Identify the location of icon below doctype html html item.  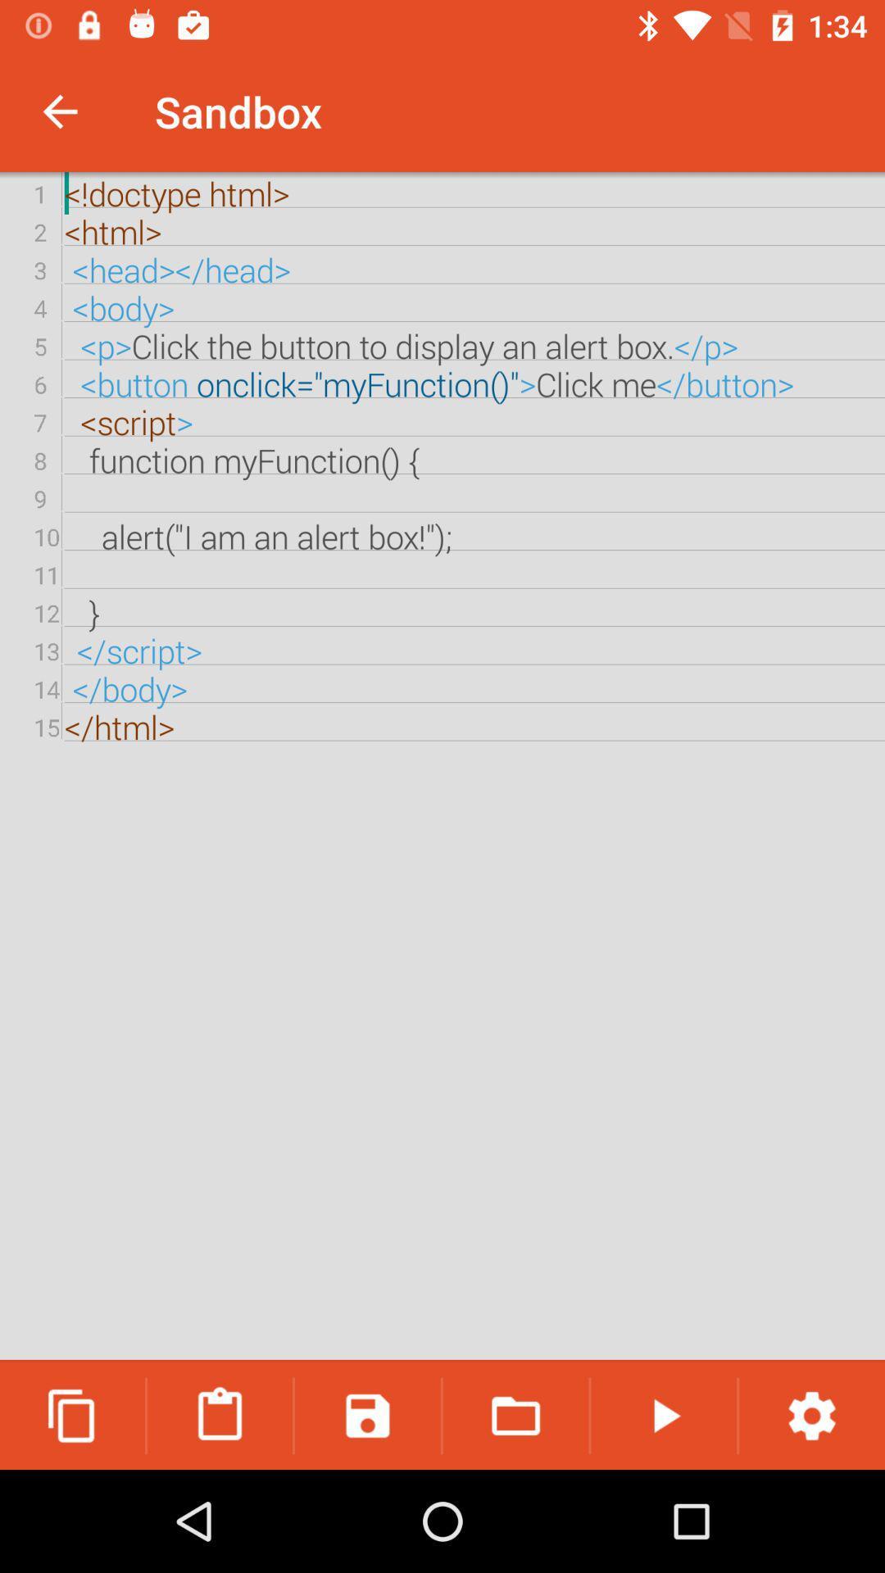
(515, 1415).